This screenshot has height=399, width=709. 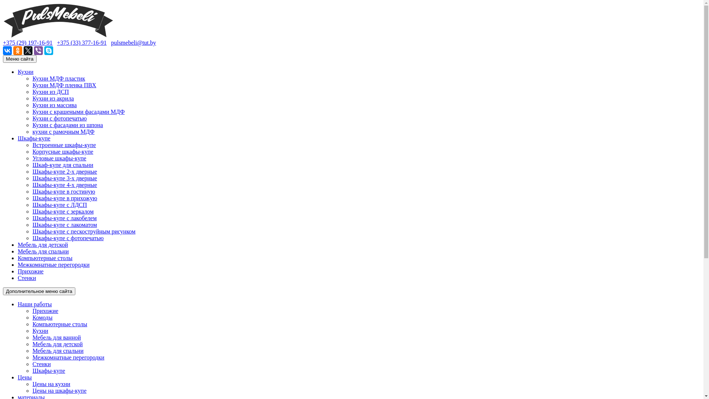 I want to click on '+375 (29) 197-16-91', so click(x=28, y=42).